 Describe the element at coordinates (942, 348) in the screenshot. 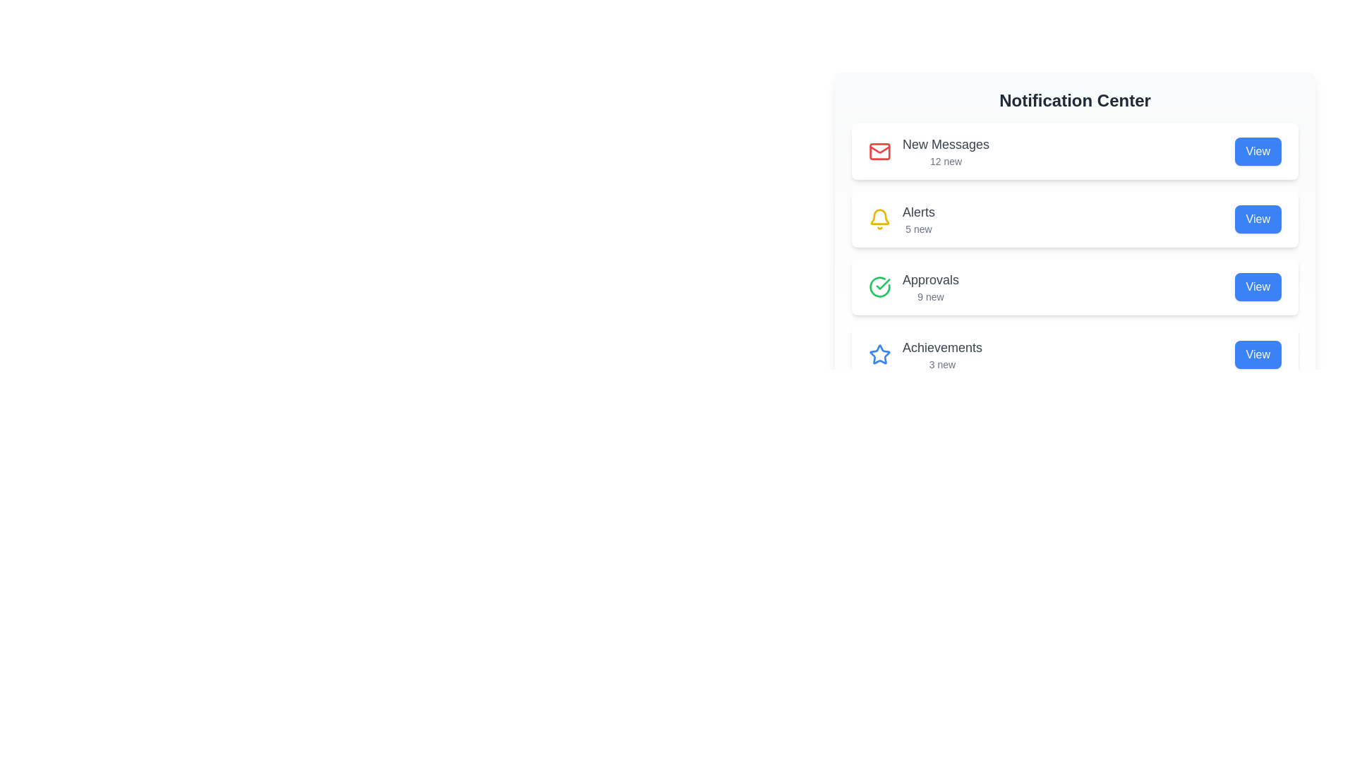

I see `the text block reading 'Achievements', which is styled in bold gray font and located in the notification center panel, positioned to the right of the blue star icon and above the smaller text '3 new'` at that location.